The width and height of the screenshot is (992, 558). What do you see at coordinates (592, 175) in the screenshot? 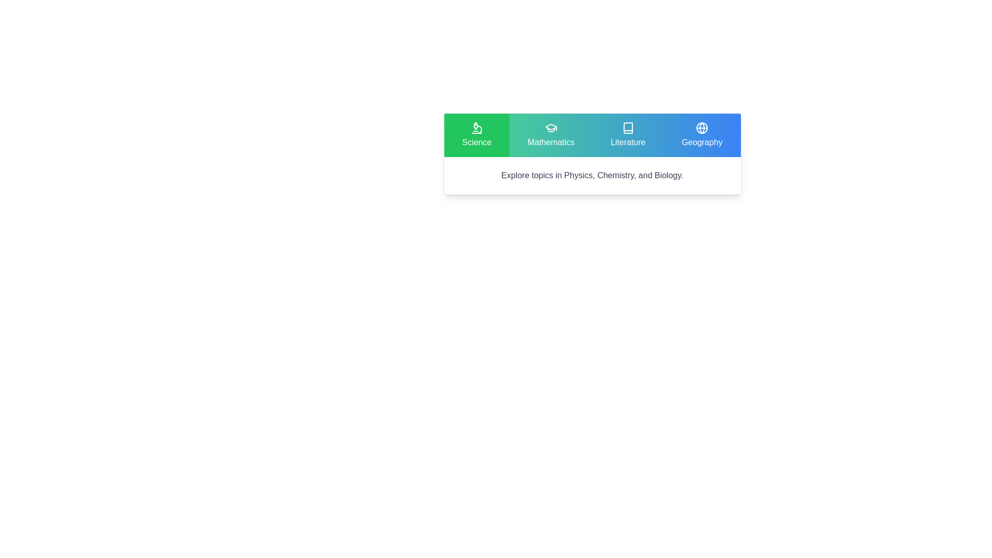
I see `the text label displaying 'Explore topics in Physics, Chemistry, and Biology.' which is centrally aligned under the category buttons` at bounding box center [592, 175].